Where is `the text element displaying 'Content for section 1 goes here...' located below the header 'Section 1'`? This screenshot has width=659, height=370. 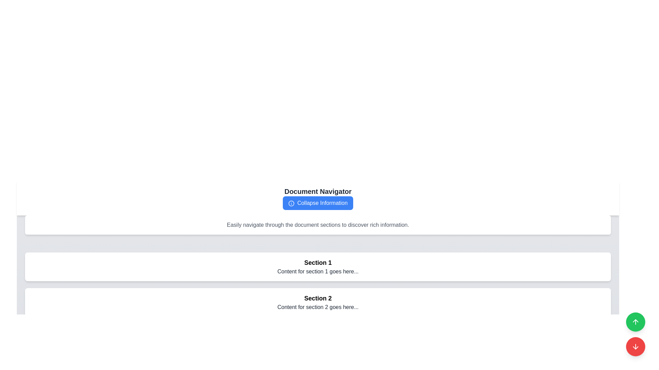 the text element displaying 'Content for section 1 goes here...' located below the header 'Section 1' is located at coordinates (317, 271).